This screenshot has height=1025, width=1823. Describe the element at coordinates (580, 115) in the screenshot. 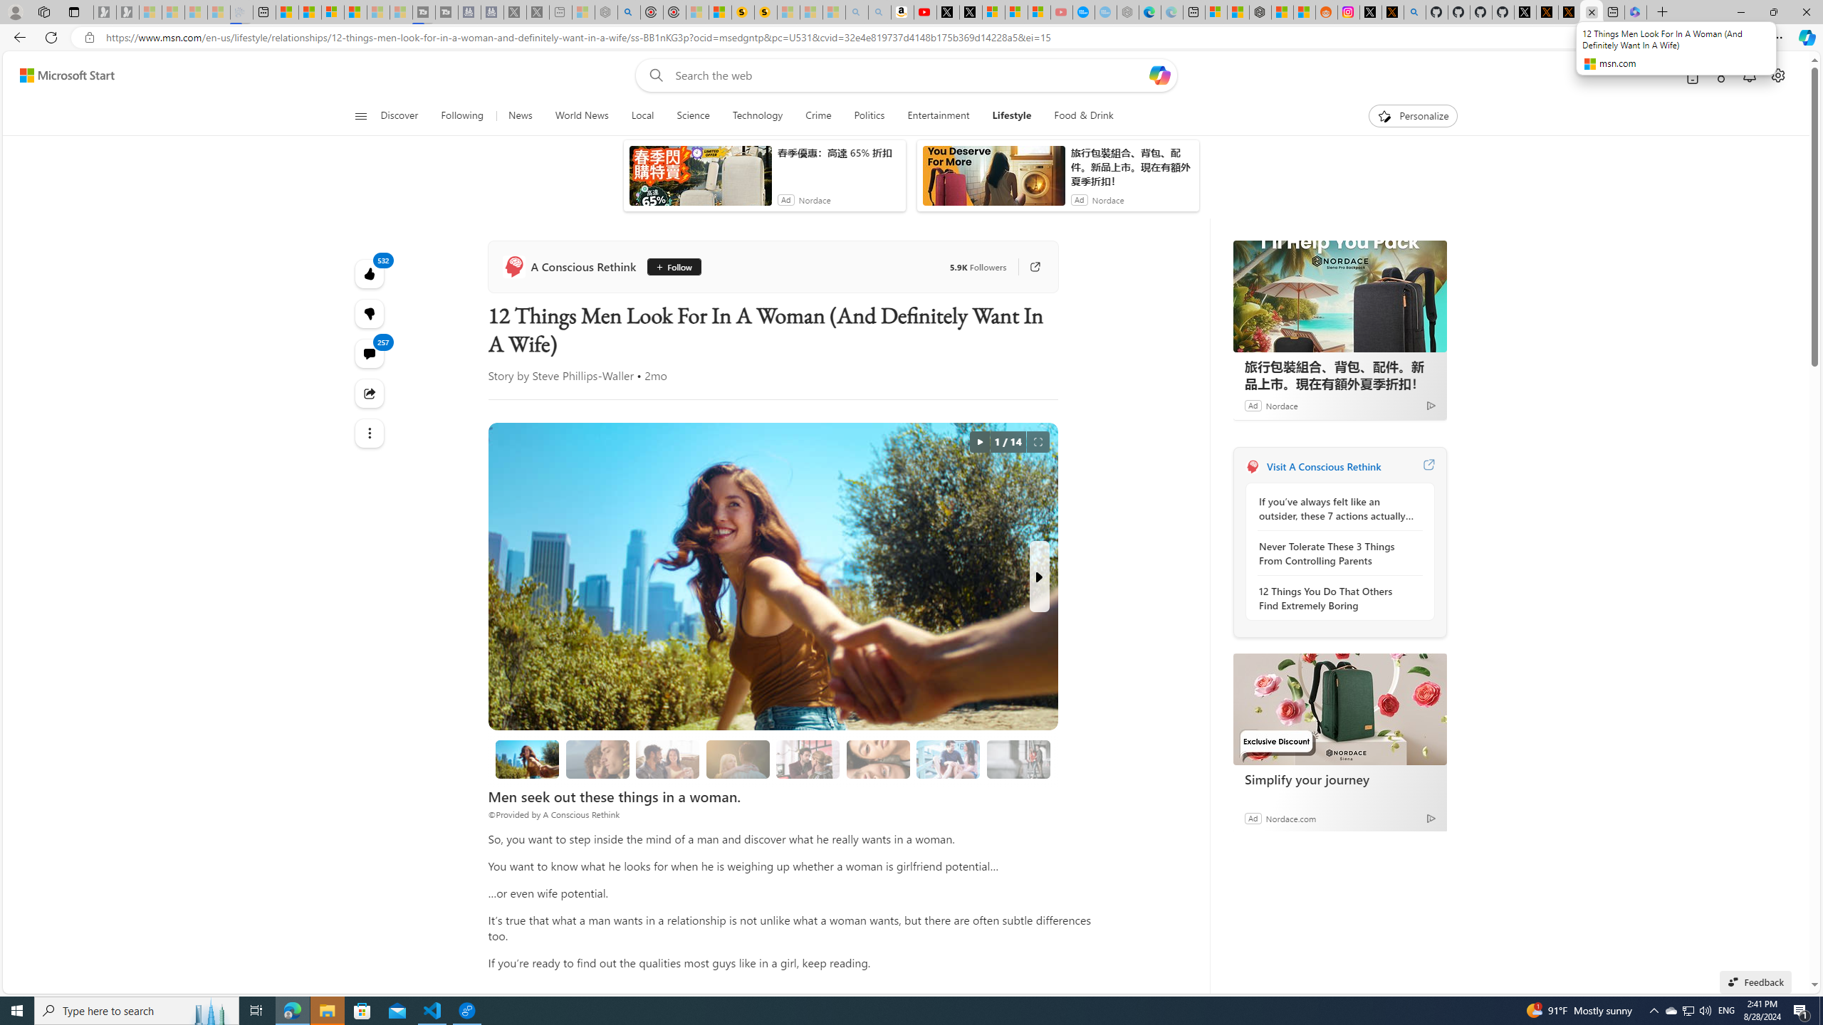

I see `'World News'` at that location.